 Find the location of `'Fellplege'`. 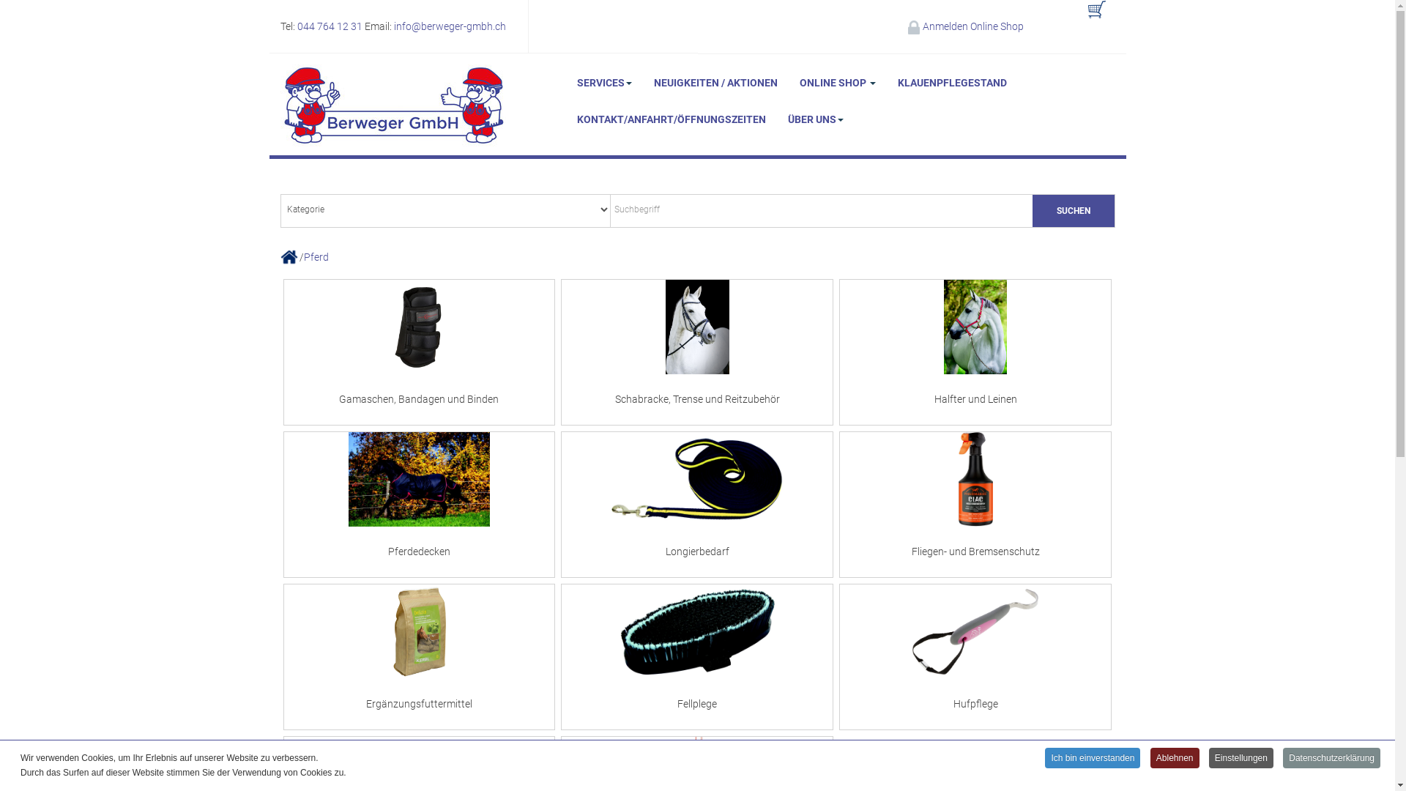

'Fellplege' is located at coordinates (696, 656).